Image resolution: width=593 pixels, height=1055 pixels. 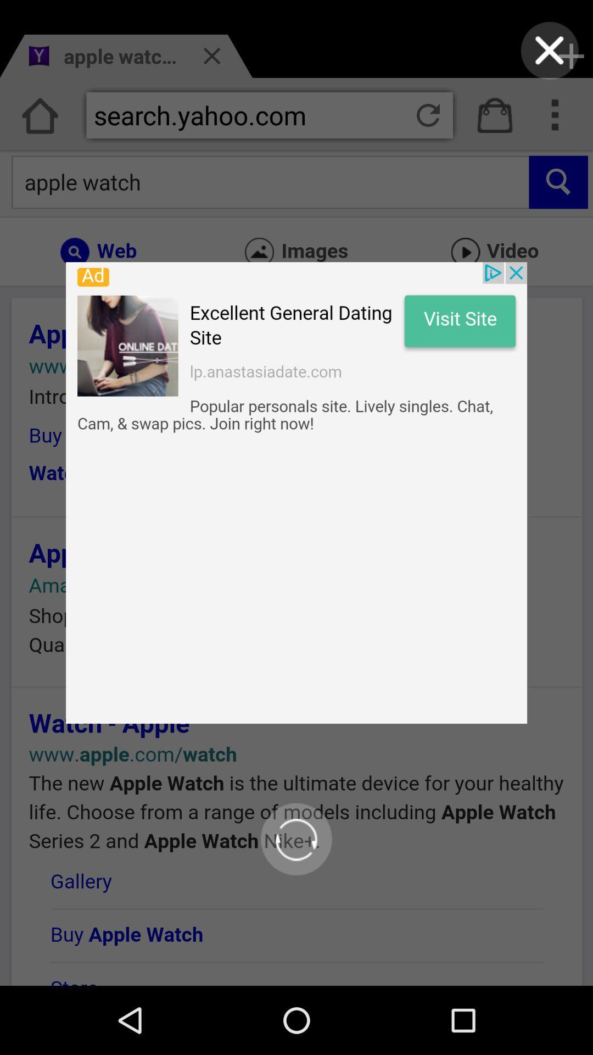 I want to click on the close icon, so click(x=550, y=53).